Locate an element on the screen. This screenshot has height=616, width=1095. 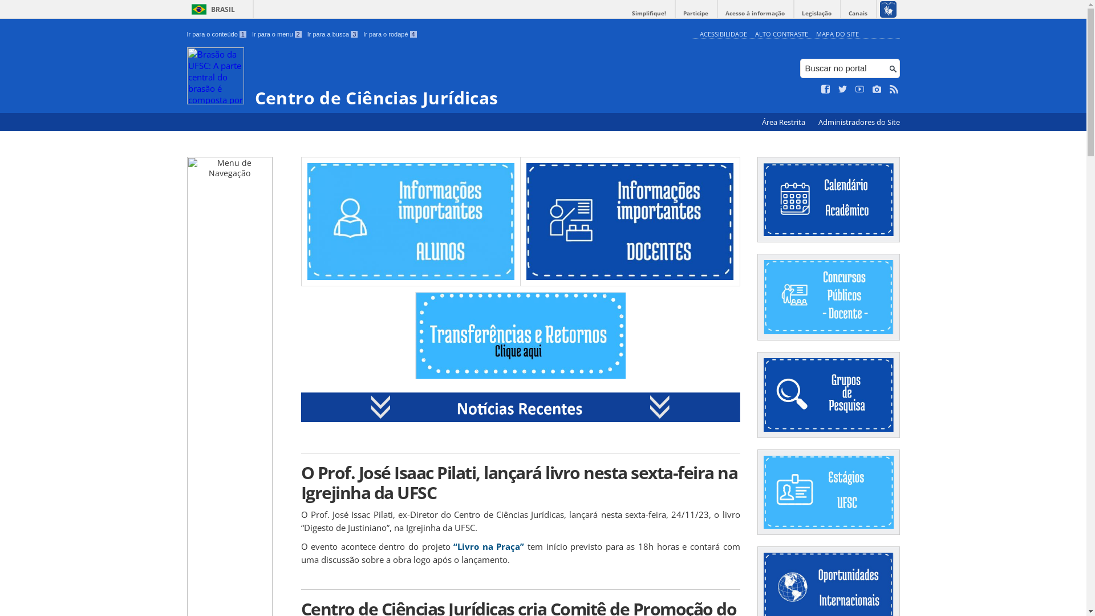
'Ir para a busca 3' is located at coordinates (332, 34).